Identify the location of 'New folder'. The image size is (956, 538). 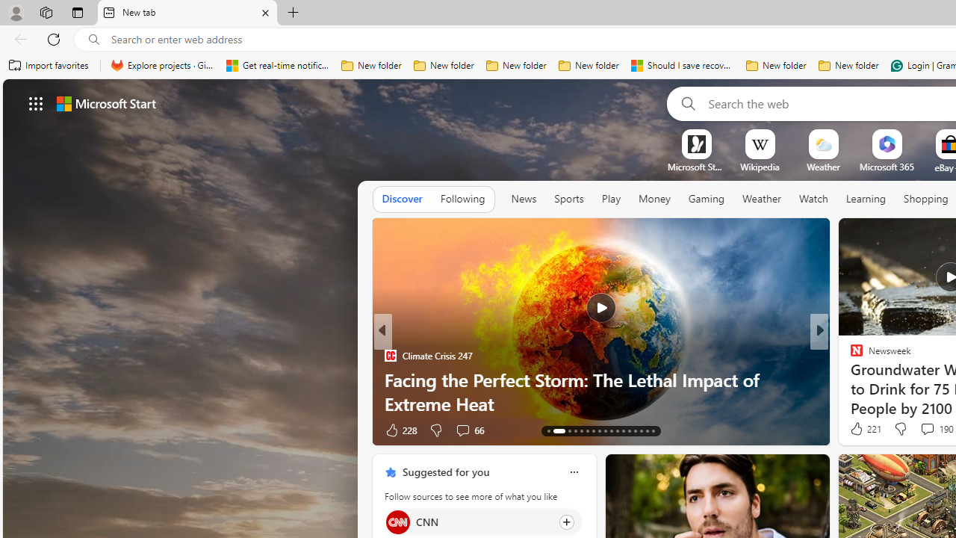
(848, 65).